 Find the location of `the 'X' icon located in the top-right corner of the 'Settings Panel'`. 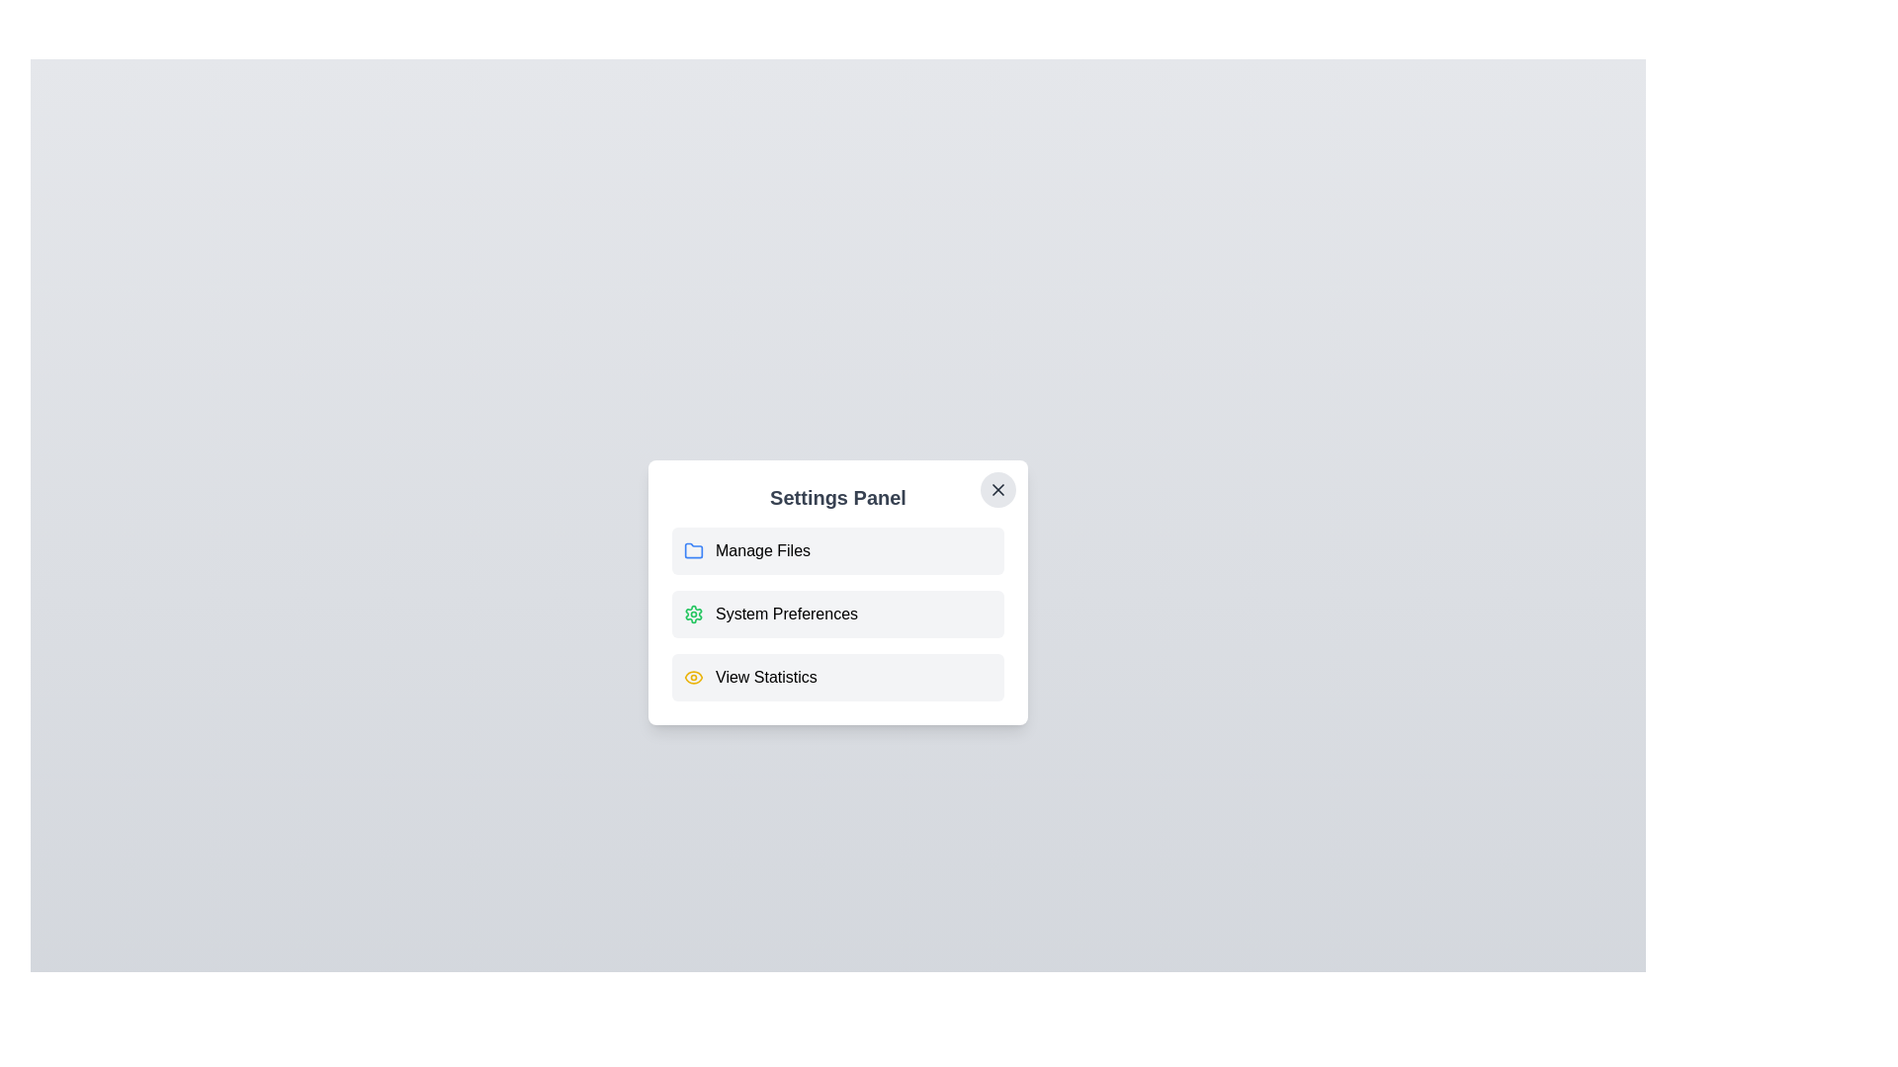

the 'X' icon located in the top-right corner of the 'Settings Panel' is located at coordinates (997, 489).